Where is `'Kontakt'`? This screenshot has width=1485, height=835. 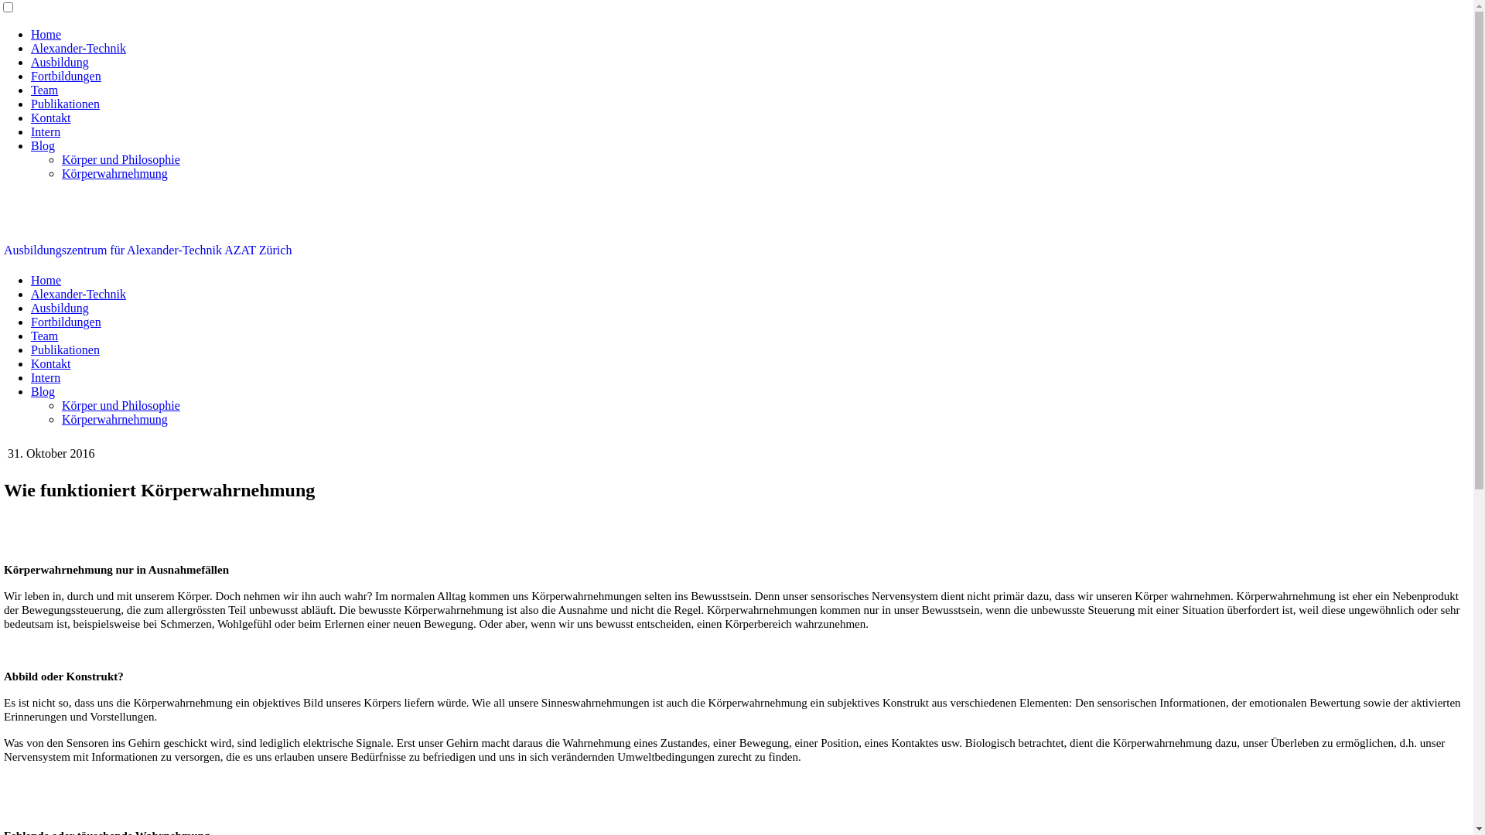
'Kontakt' is located at coordinates (51, 363).